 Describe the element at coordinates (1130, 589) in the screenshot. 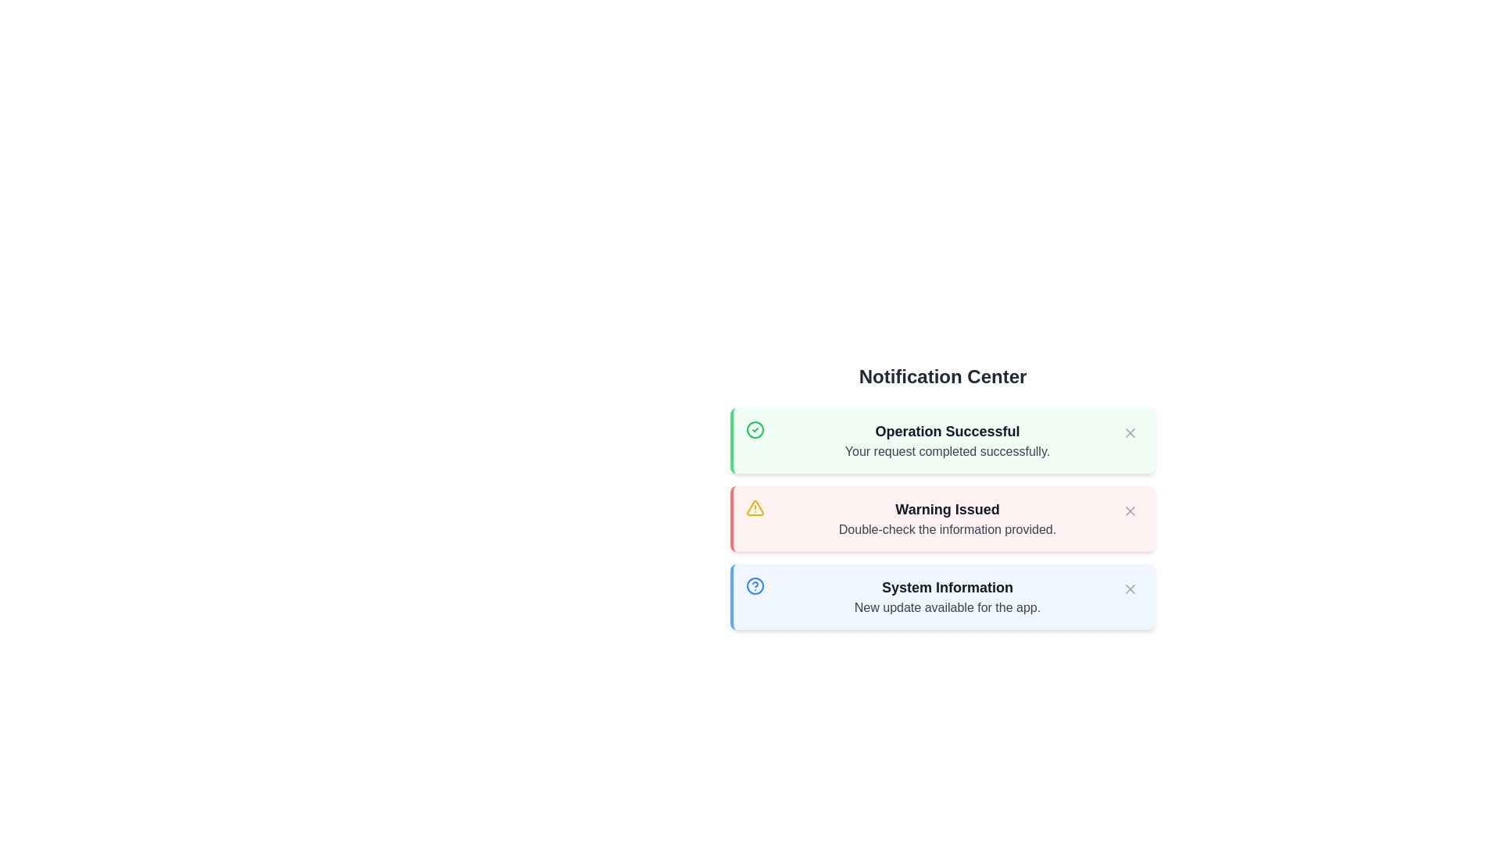

I see `the close icon (an 'x' symbol) located in the top-right corner of the third notification card labeled 'System Information'` at that location.